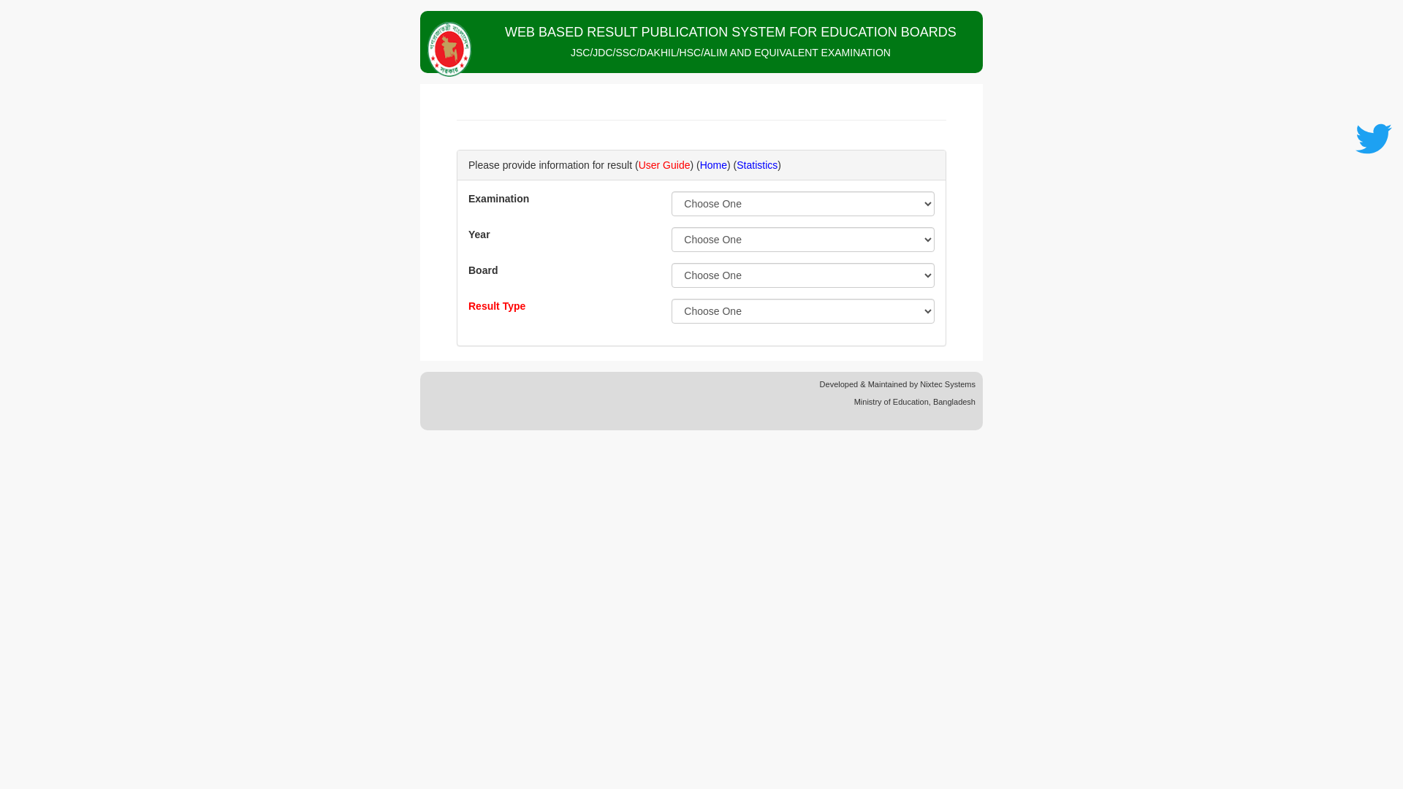 The height and width of the screenshot is (789, 1403). I want to click on 'Home', so click(699, 164).